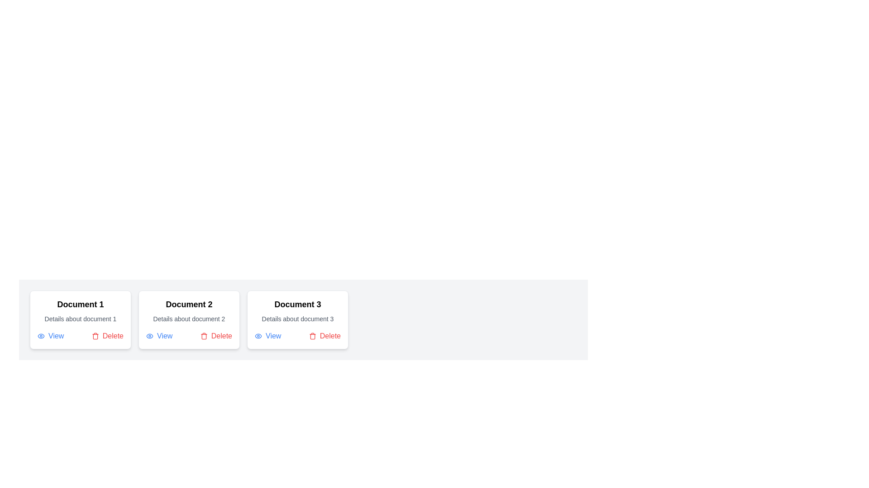 The width and height of the screenshot is (869, 488). What do you see at coordinates (41, 336) in the screenshot?
I see `the eye-shaped icon representing the view action, located to the left of the 'View' text in the first card labeled 'Document 1'` at bounding box center [41, 336].